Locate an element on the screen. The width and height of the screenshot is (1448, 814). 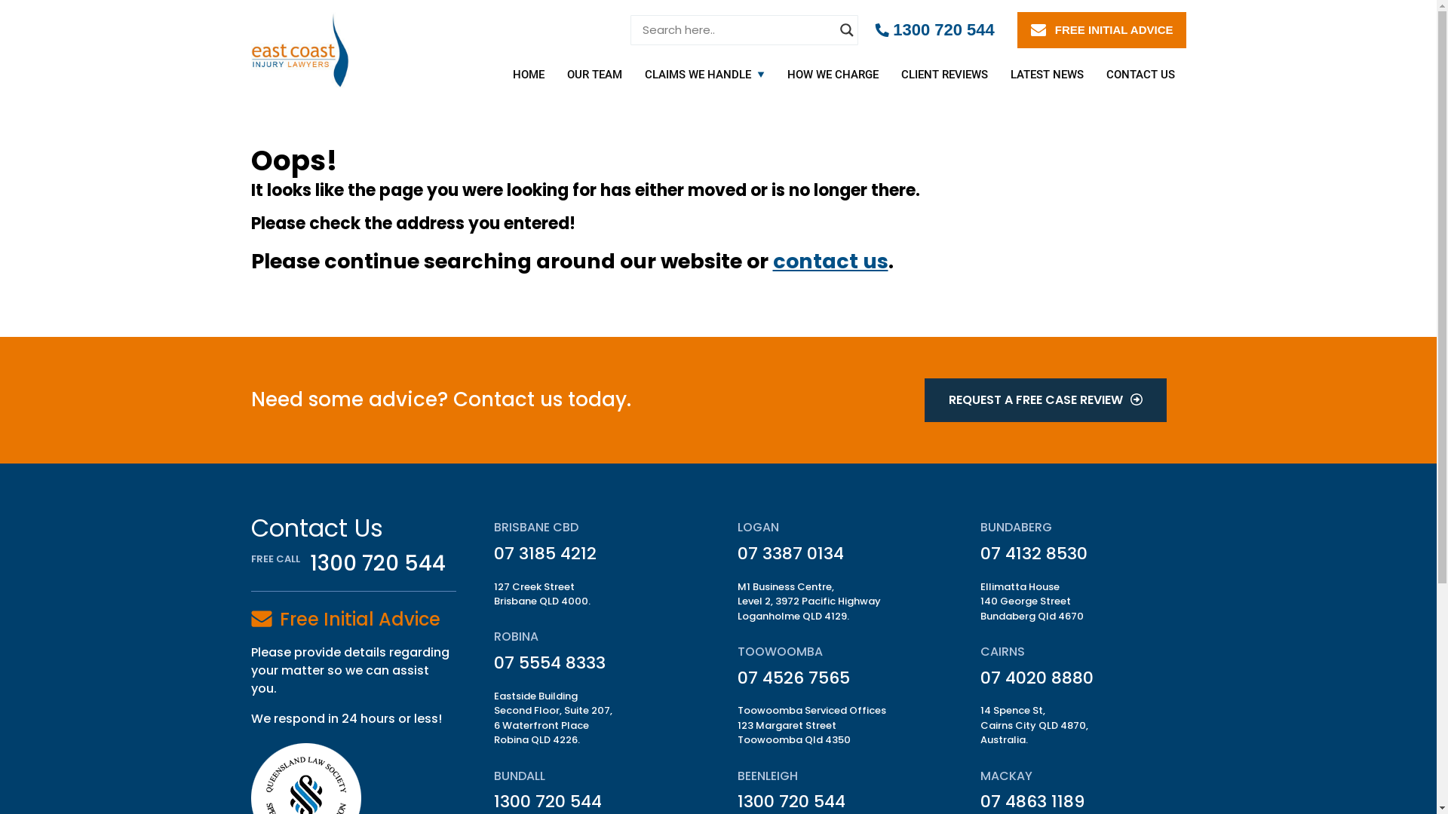
'TOOWOOMBA' is located at coordinates (738, 650).